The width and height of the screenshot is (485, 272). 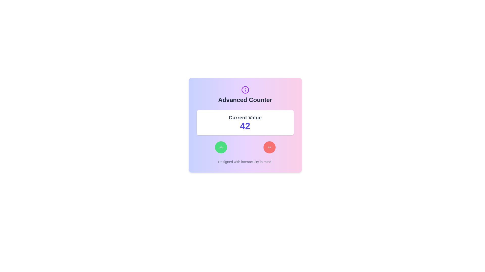 What do you see at coordinates (221, 147) in the screenshot?
I see `the Button icon (Upward arrow) located within the green circular button at the bottom-left of the central card, aligned with the text 'Current Value 42'` at bounding box center [221, 147].